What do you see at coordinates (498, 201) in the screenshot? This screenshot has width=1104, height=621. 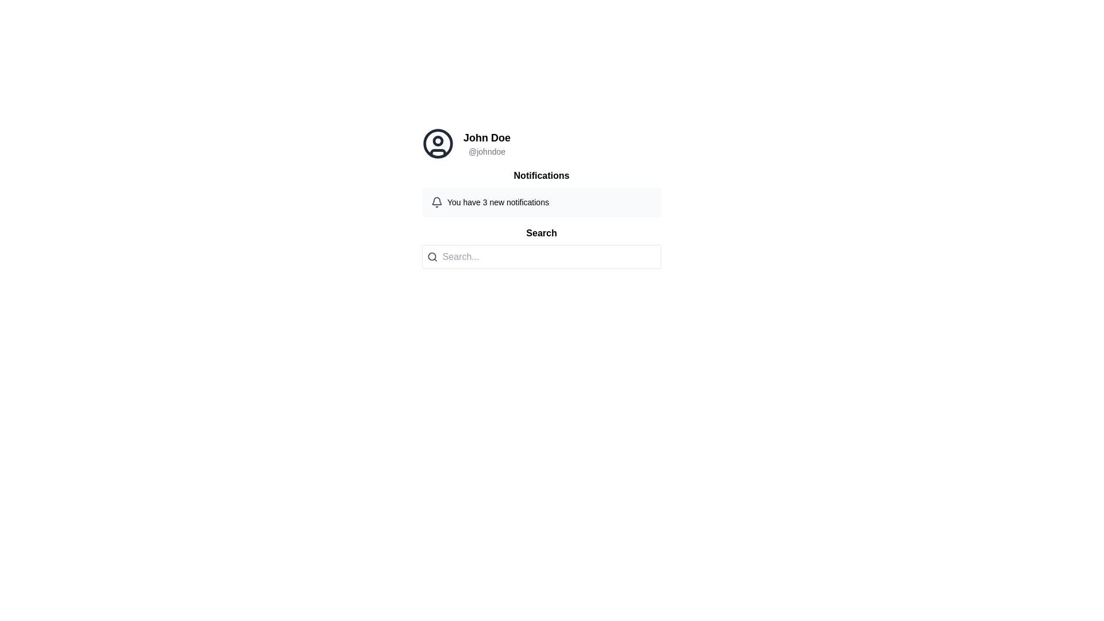 I see `the static text element that reads 'You have 3 new notifications', which is styled in a smaller font size and located within the notification panel` at bounding box center [498, 201].